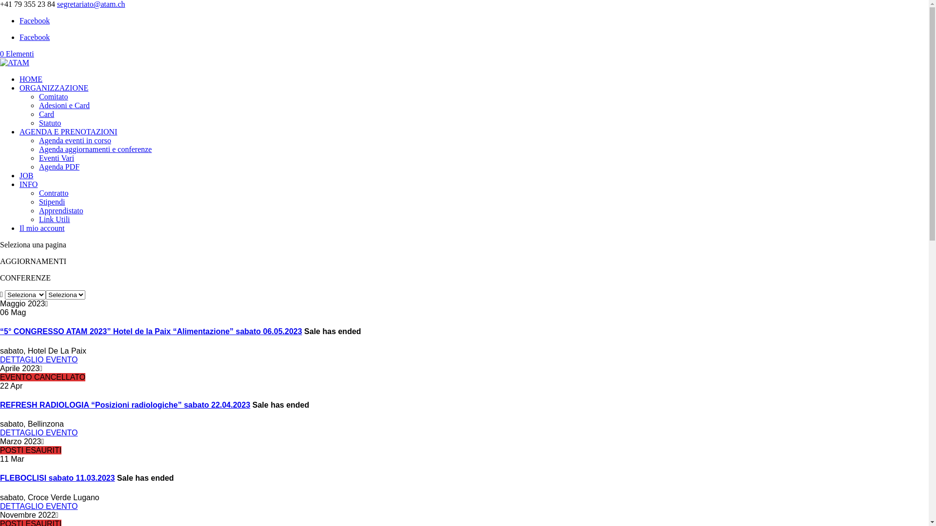 This screenshot has height=526, width=936. What do you see at coordinates (39, 359) in the screenshot?
I see `'DETTAGLIO EVENTO'` at bounding box center [39, 359].